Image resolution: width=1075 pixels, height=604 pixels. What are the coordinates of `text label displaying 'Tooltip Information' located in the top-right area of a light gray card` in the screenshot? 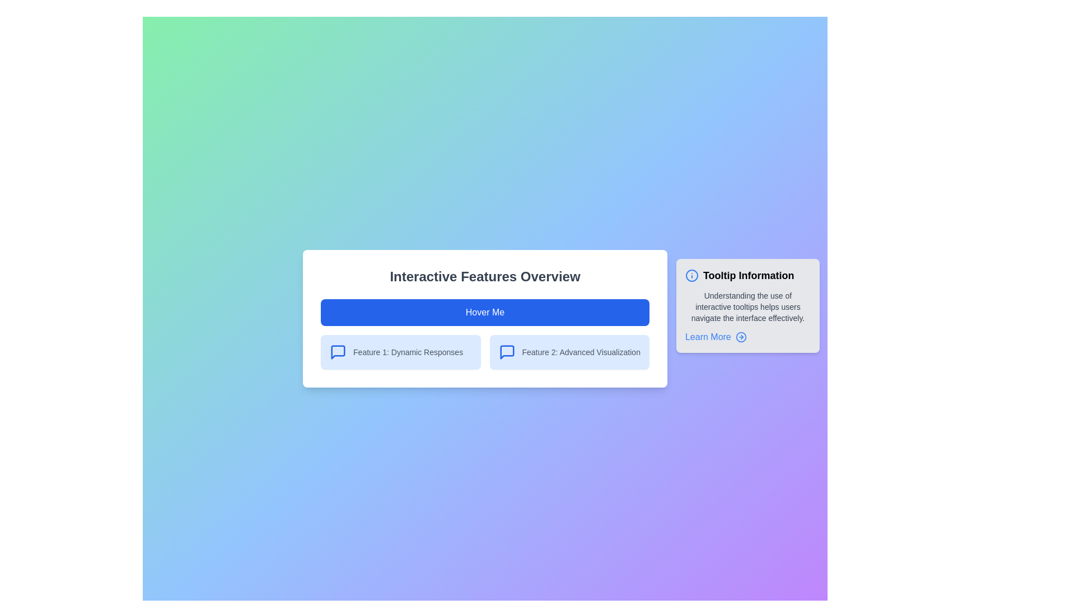 It's located at (749, 276).